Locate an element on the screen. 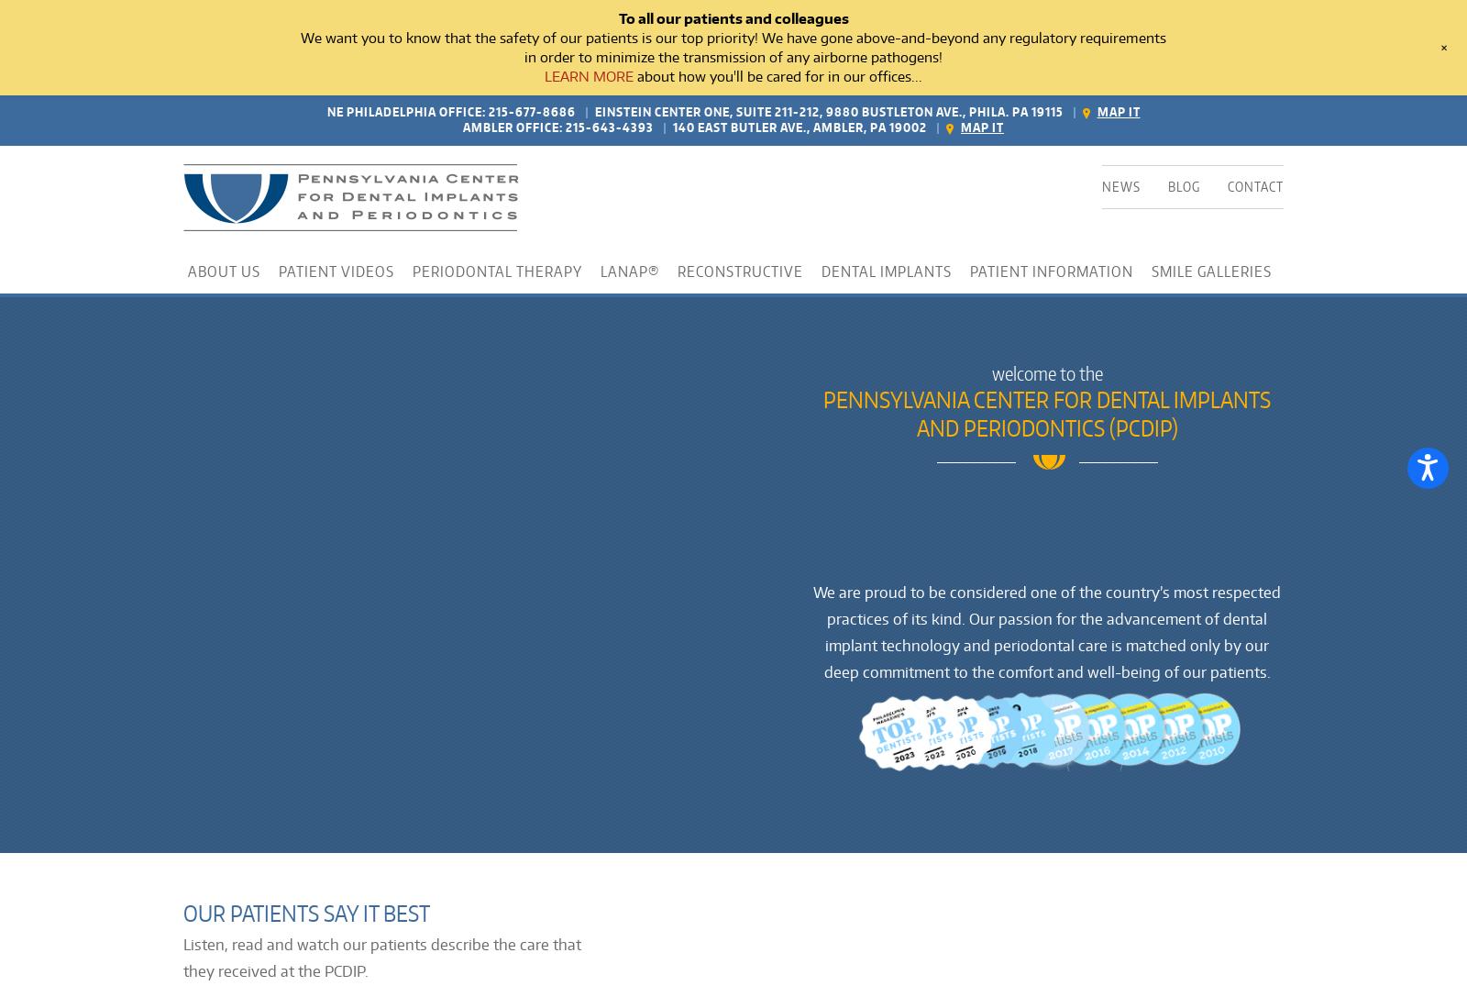 The height and width of the screenshot is (986, 1467). 'We are proud to be considered one of the country’s most respected practices of its kind. Our passion for the advancement of dental implant technology and periodontal care is matched only by our deep commitment to the comfort and well-being of our patients.' is located at coordinates (1046, 630).